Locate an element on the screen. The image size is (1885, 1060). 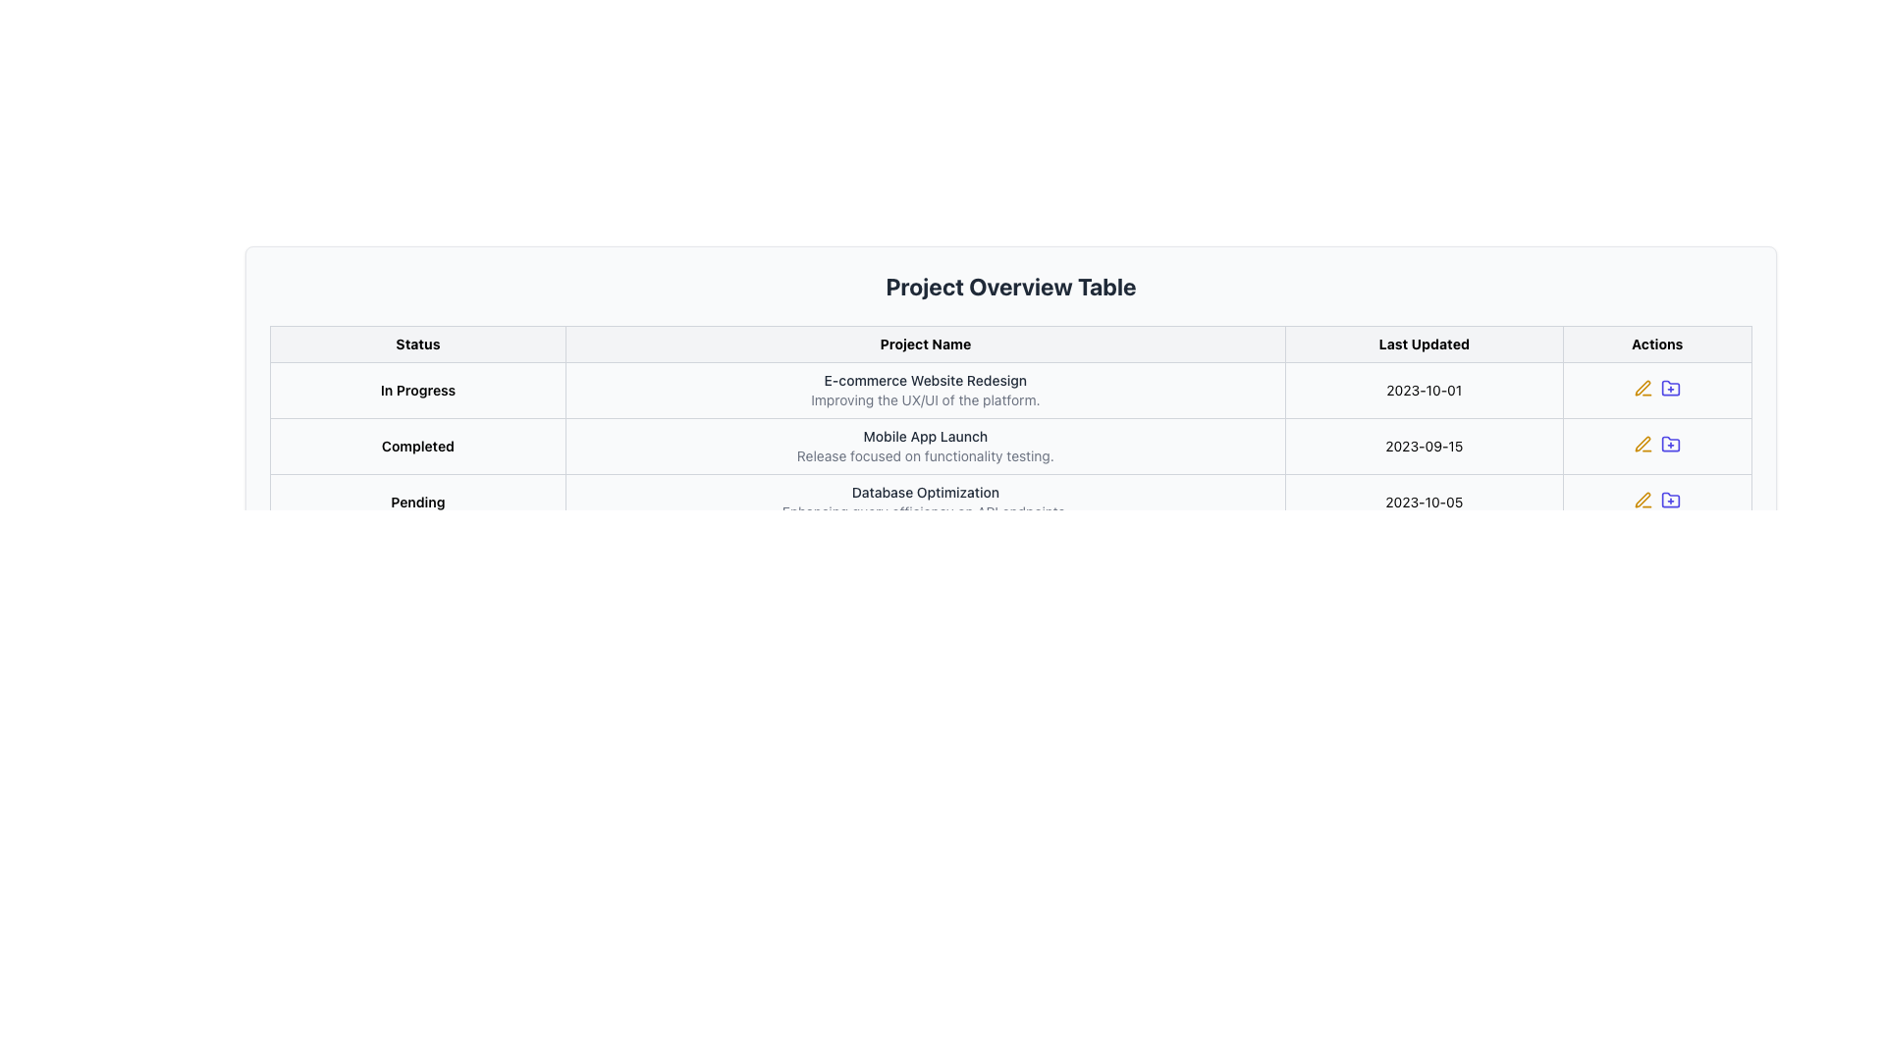
the indigo folder icon with a '+' sign located in the Actions column of the table, specifically the third row is located at coordinates (1670, 499).